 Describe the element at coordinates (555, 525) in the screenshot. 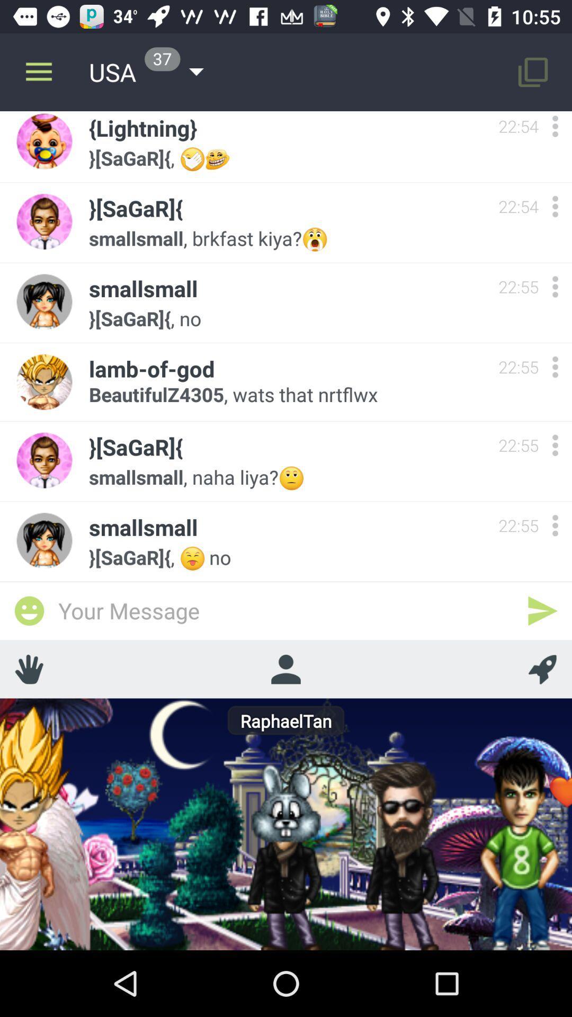

I see `more options` at that location.